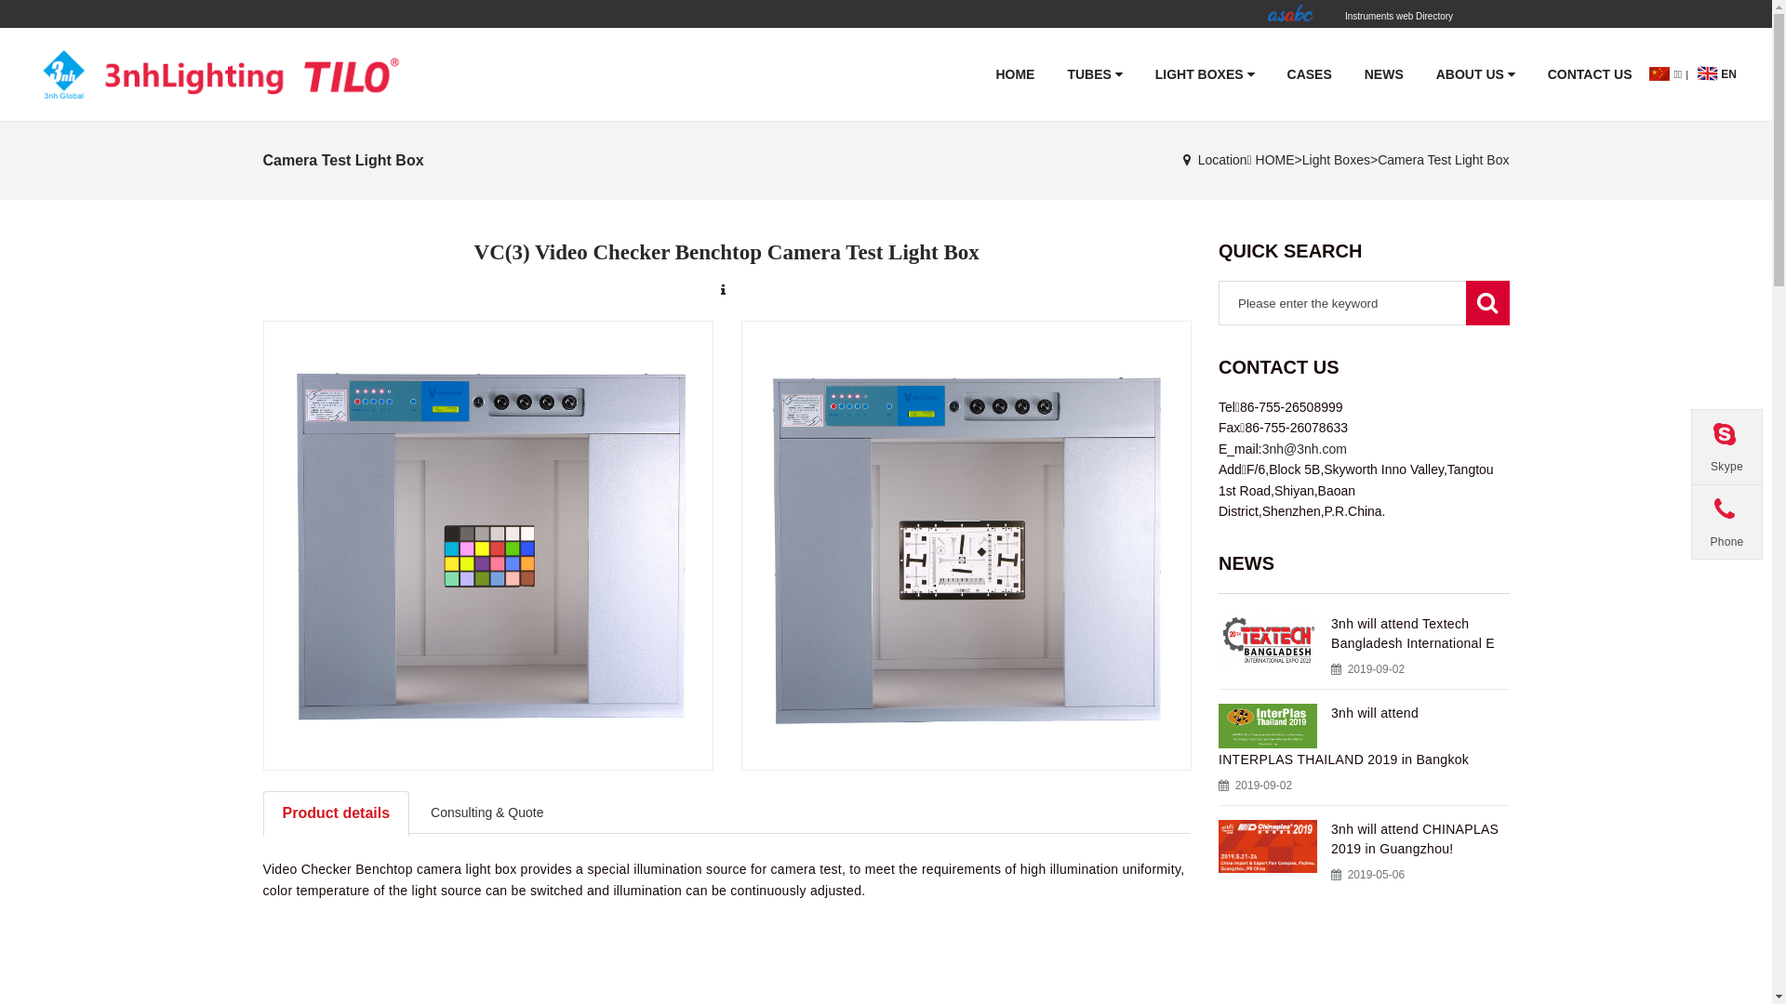 The width and height of the screenshot is (1786, 1004). I want to click on 'ABOUT US', so click(1474, 73).